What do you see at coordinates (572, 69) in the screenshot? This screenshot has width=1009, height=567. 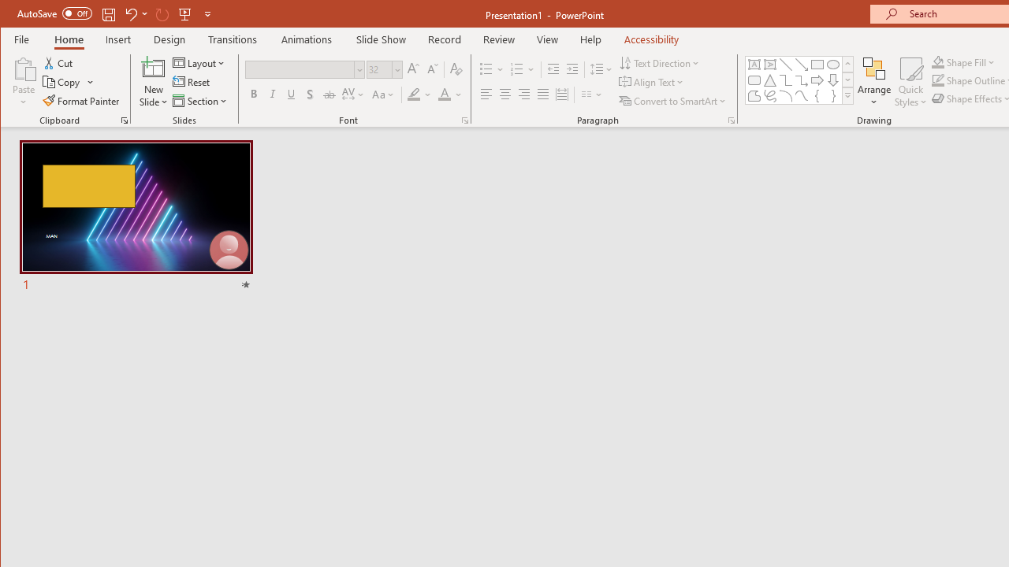 I see `'Increase Indent'` at bounding box center [572, 69].